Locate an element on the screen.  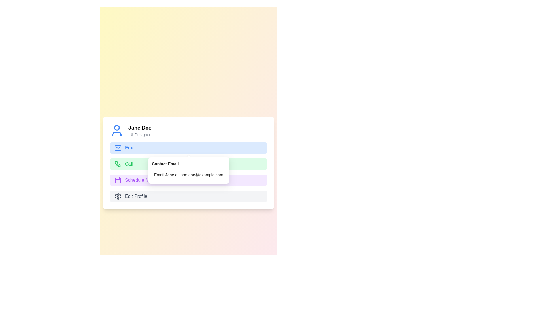
the Text Display element which shows 'Jane Doe' in bold and 'UI Designer' below it in gray, located in the upper-left quadrant of the interface is located at coordinates (140, 131).